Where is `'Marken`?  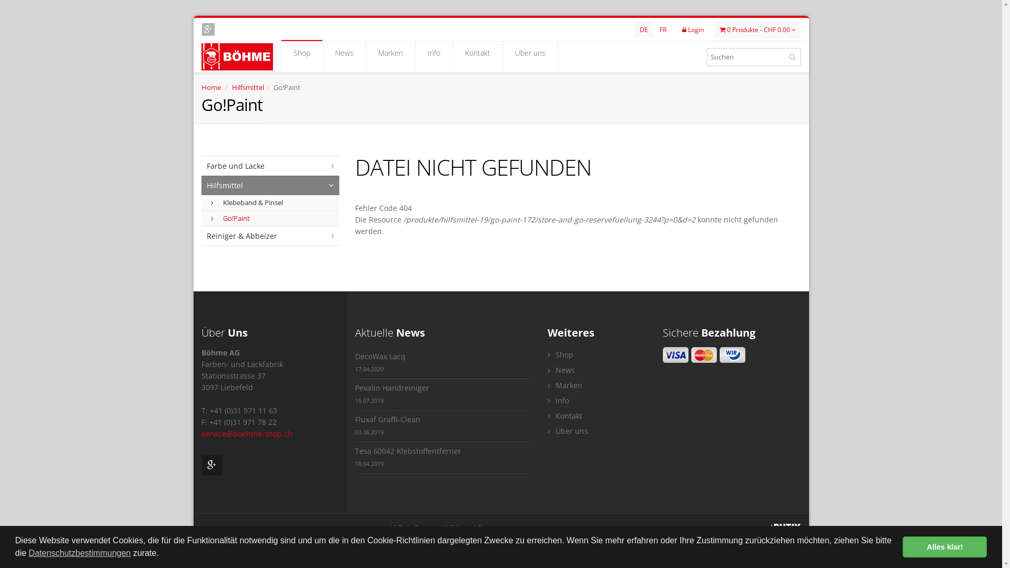 'Marken is located at coordinates (390, 57).